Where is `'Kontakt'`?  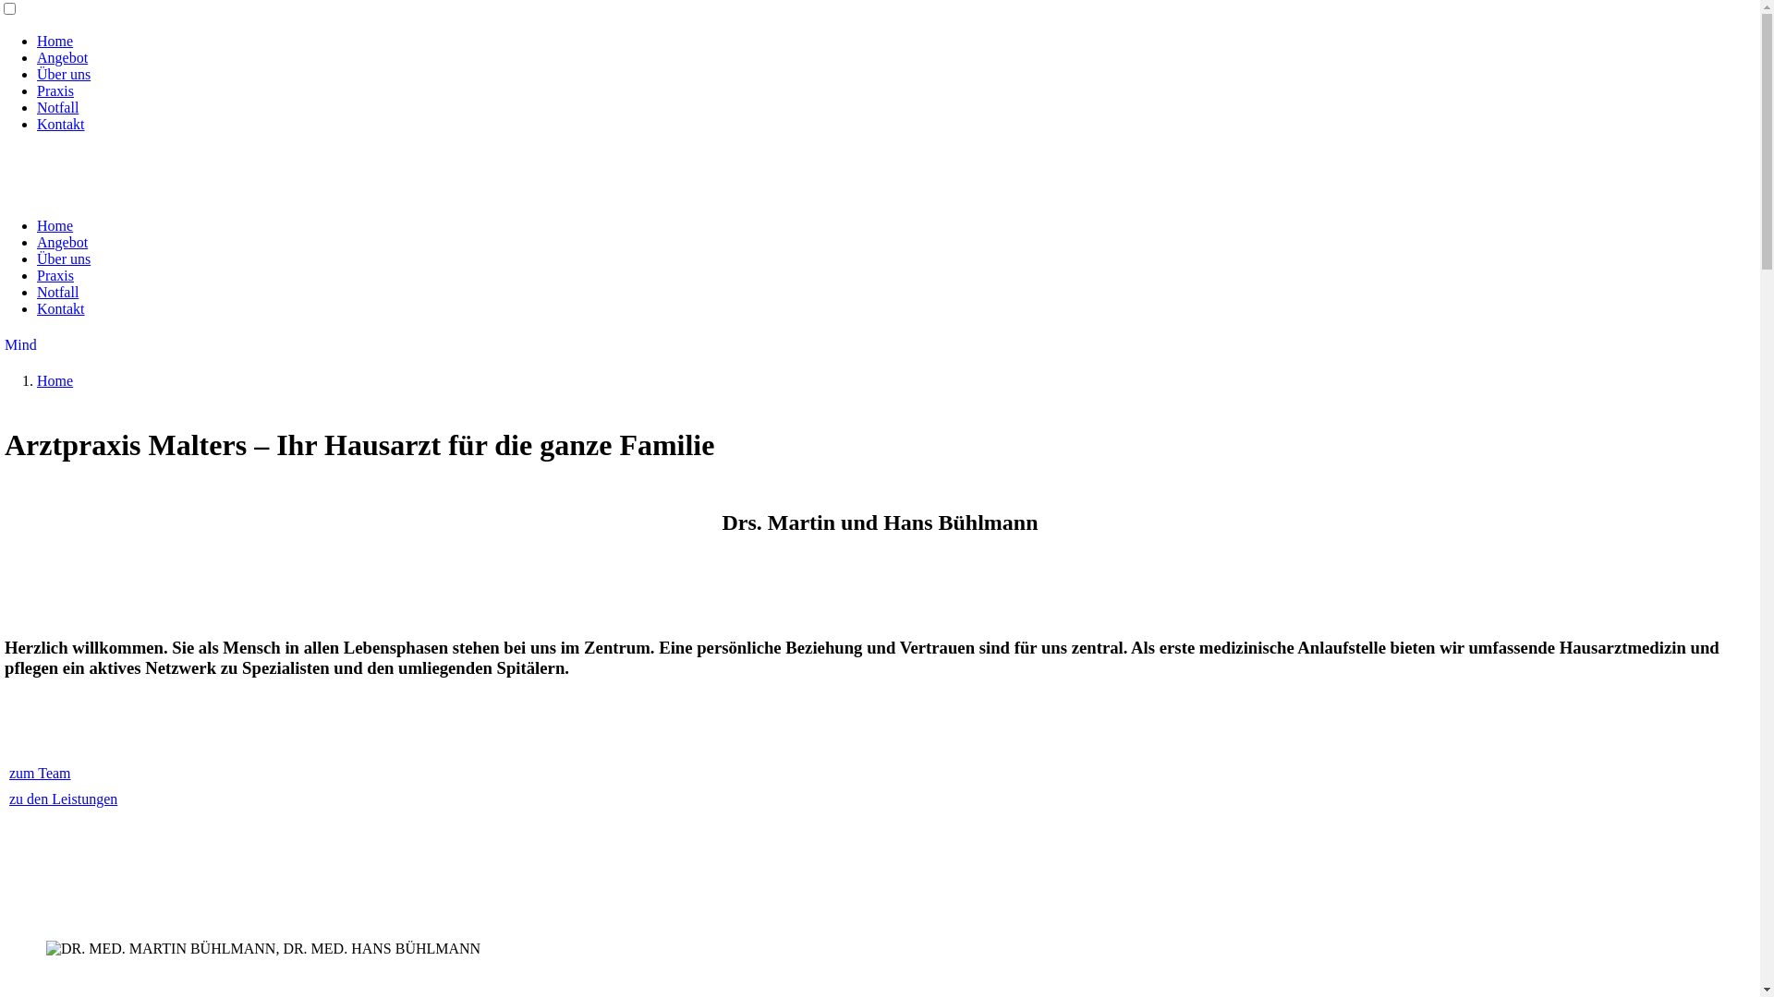
'Kontakt' is located at coordinates (61, 307).